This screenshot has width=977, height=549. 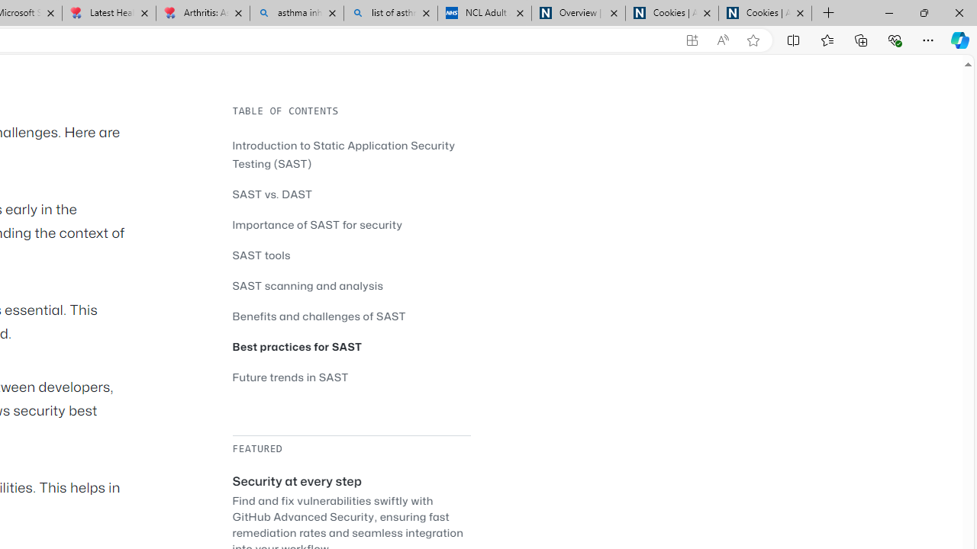 I want to click on 'Future trends in SAST', so click(x=290, y=377).